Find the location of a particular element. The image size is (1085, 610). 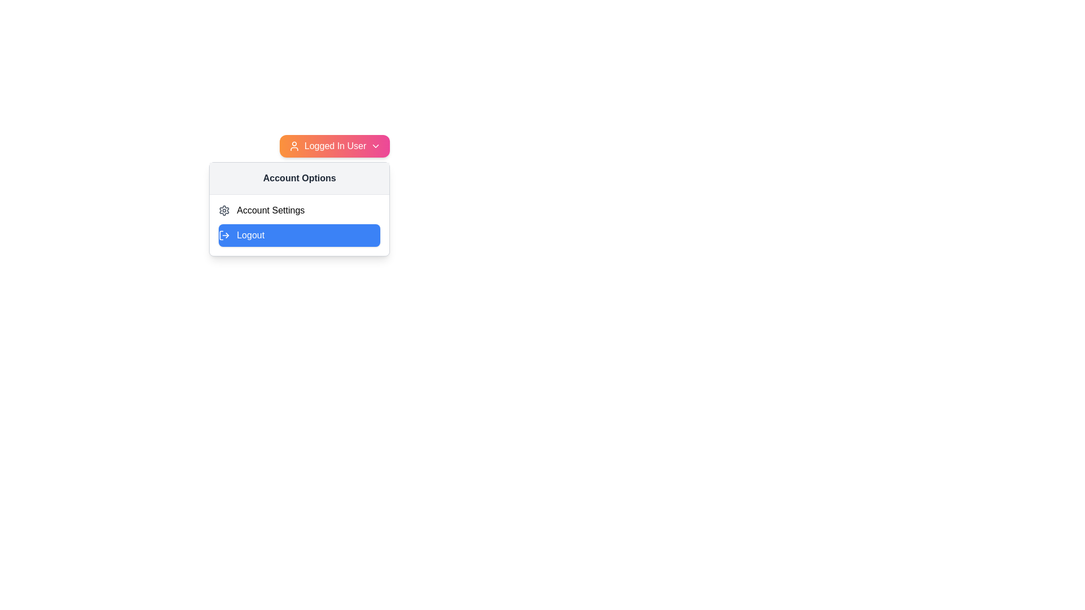

the log-out icon, which is styled as an arrow exiting a rectangle and located to the left of the 'Logout' button in a blue rounded rectangle within a dropdown menu is located at coordinates (224, 234).